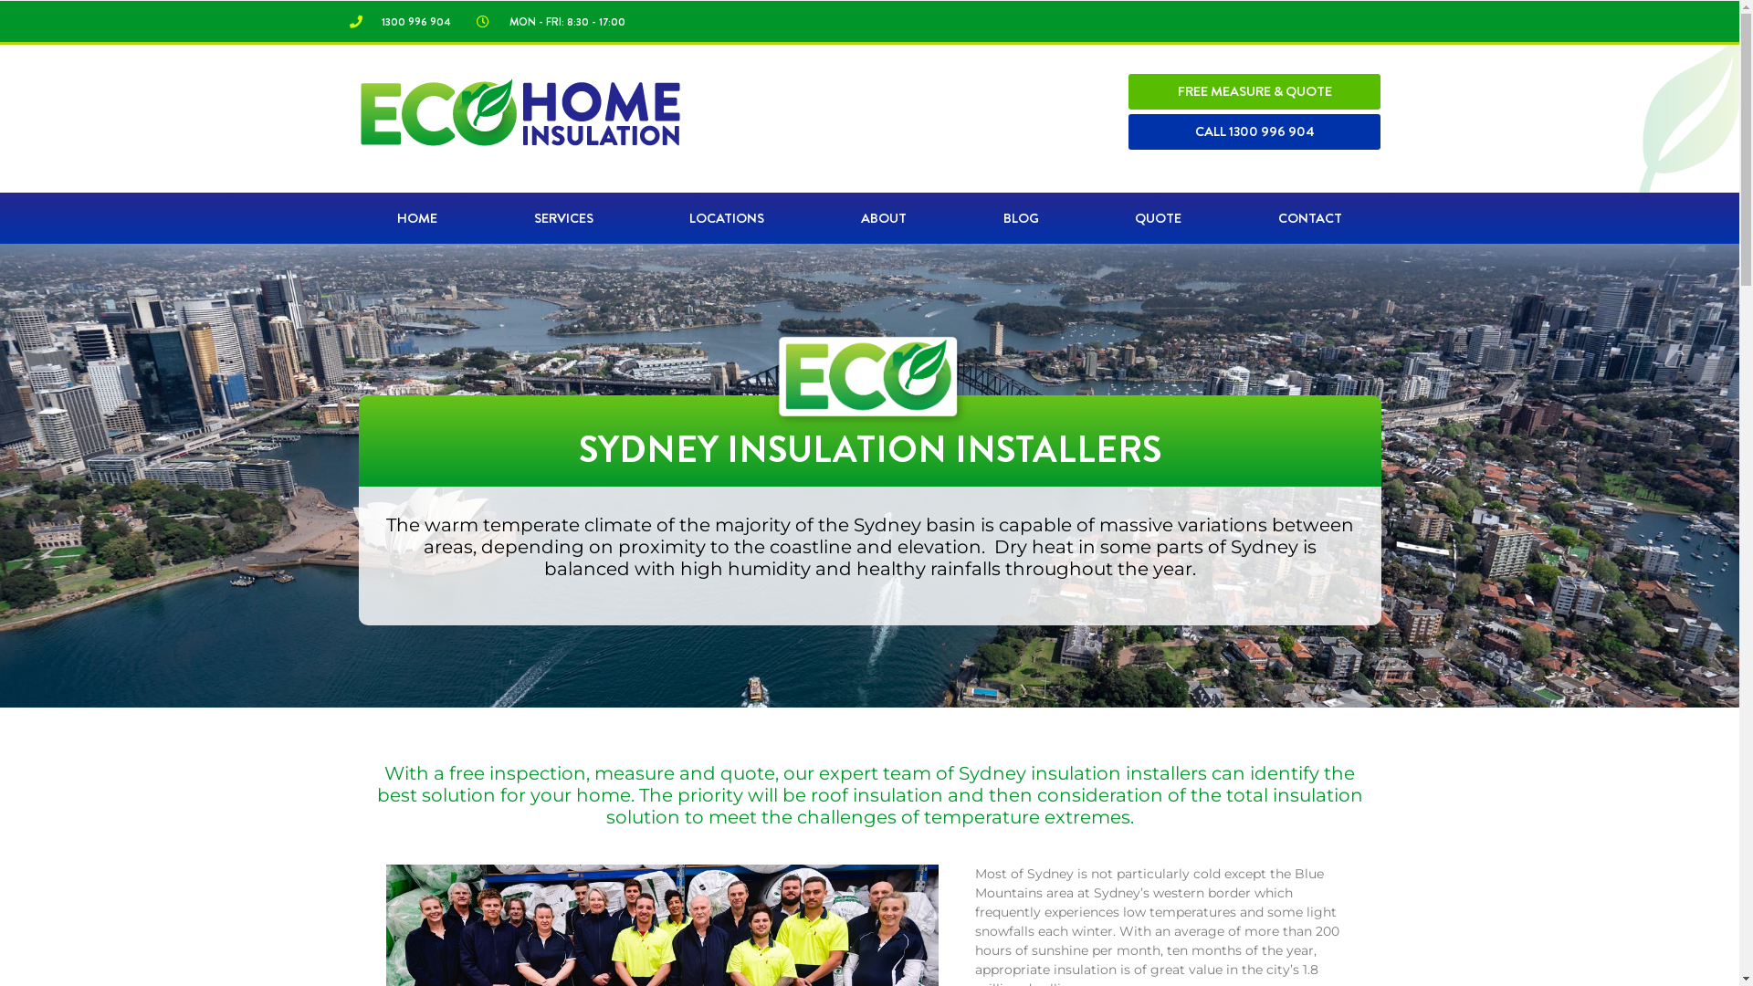  What do you see at coordinates (884, 217) in the screenshot?
I see `'ABOUT'` at bounding box center [884, 217].